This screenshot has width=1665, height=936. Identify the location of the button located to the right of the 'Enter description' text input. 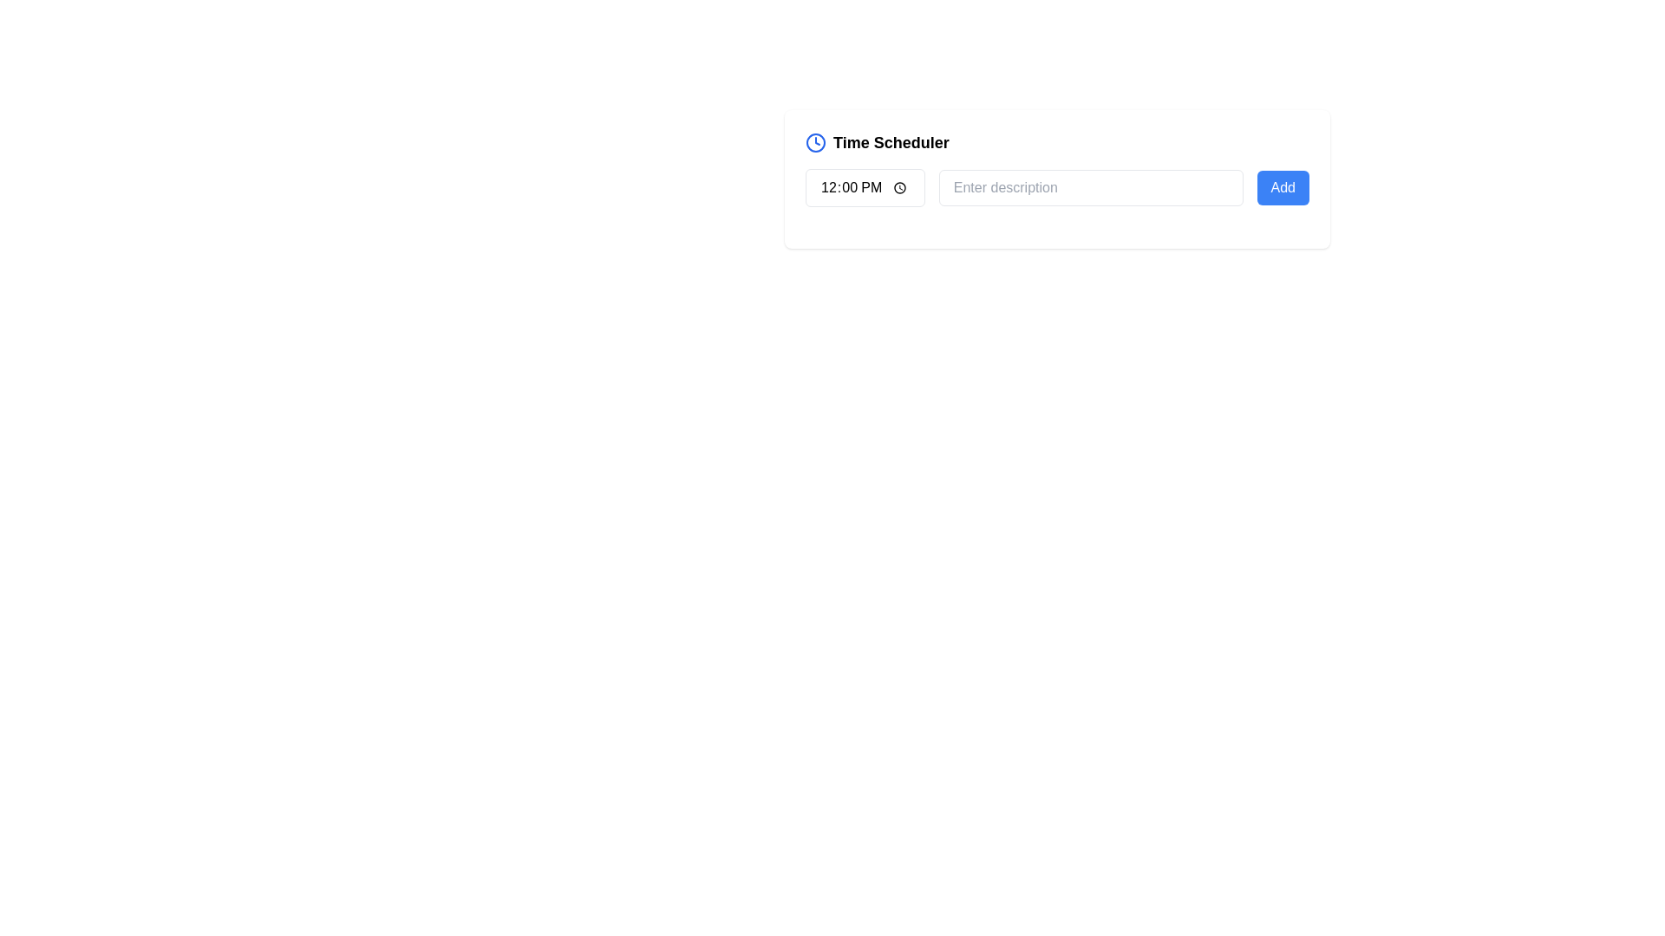
(1283, 187).